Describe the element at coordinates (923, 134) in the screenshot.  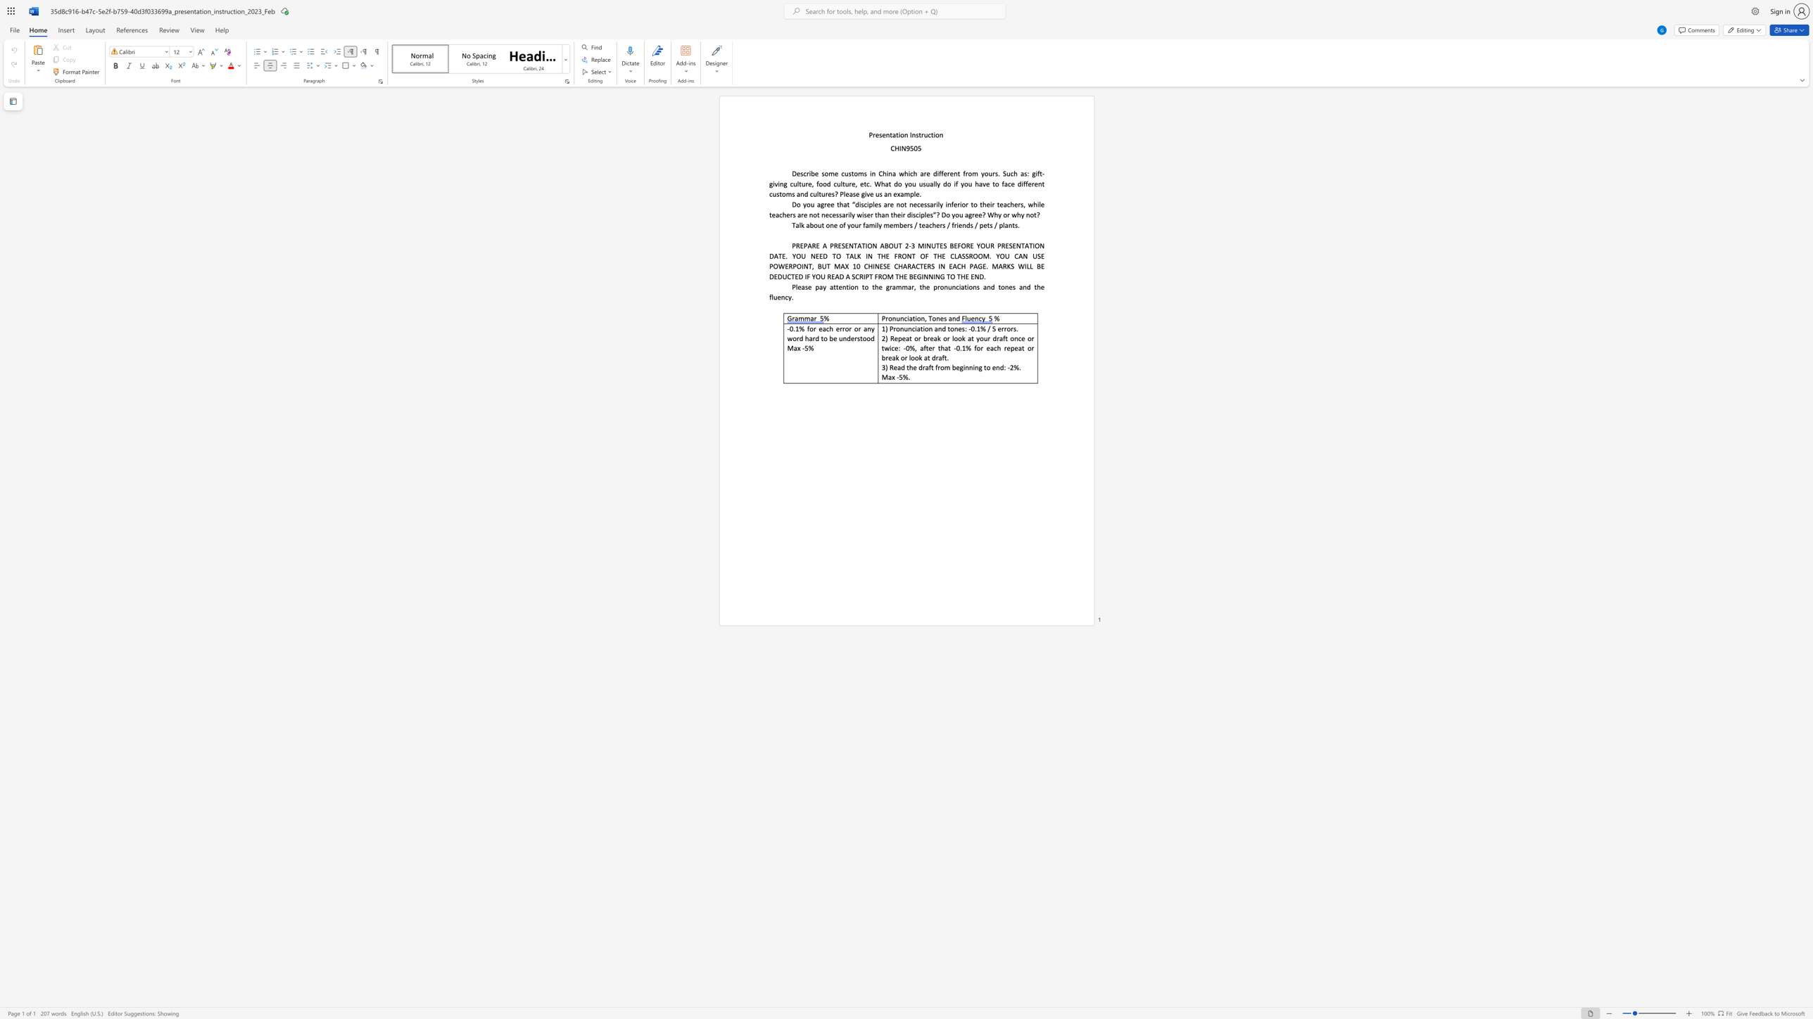
I see `the 2th character "r" in the text` at that location.